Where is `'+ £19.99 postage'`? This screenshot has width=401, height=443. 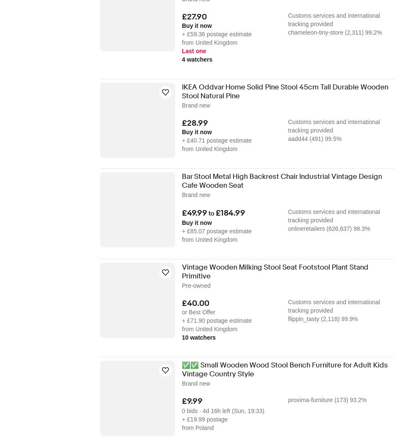
'+ £19.99 postage' is located at coordinates (204, 419).